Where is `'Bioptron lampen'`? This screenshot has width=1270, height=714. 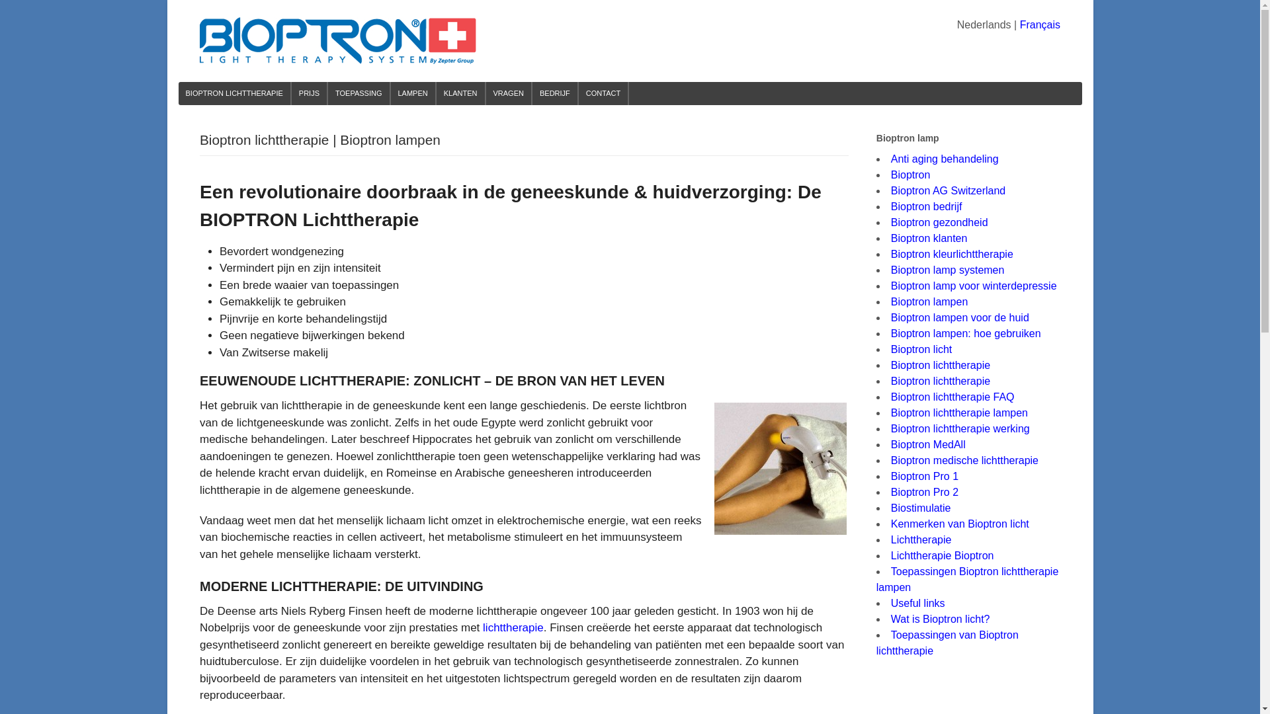
'Bioptron lampen' is located at coordinates (929, 301).